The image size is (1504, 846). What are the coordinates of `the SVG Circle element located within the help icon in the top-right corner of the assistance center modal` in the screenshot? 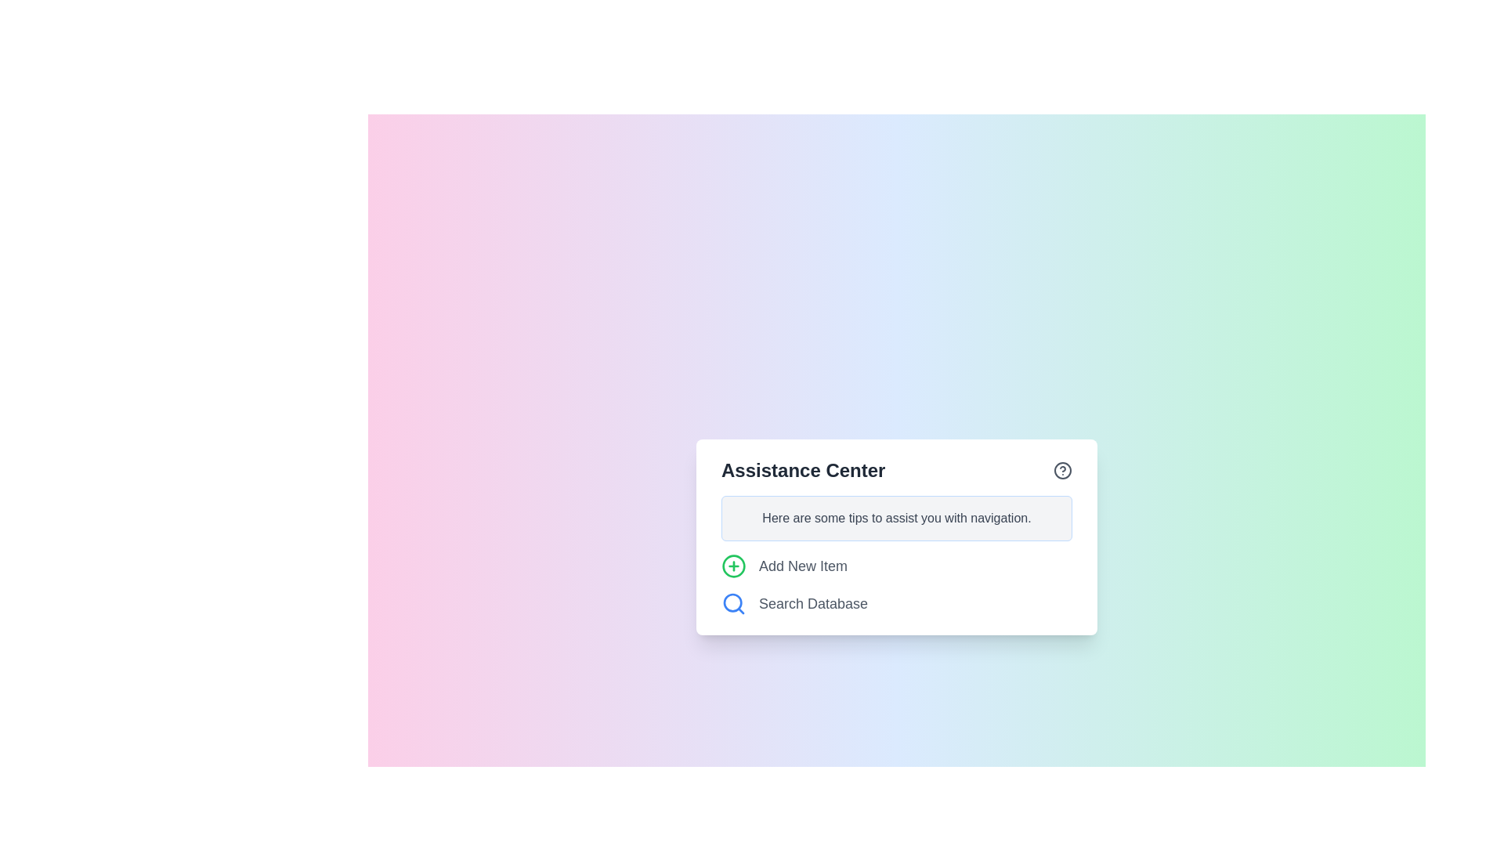 It's located at (1063, 470).